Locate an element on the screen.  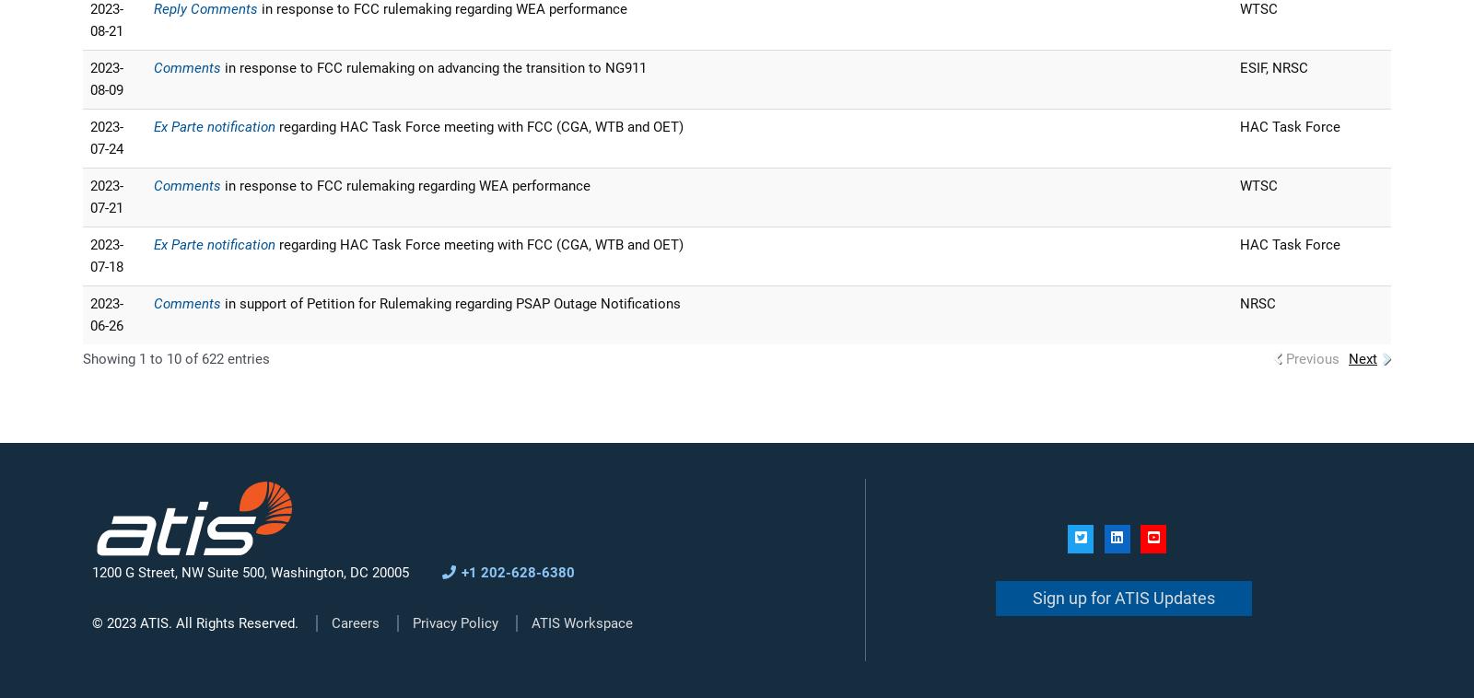
'in support of Petition for Rulemaking regarding PSAP Outage Notifications' is located at coordinates (450, 304).